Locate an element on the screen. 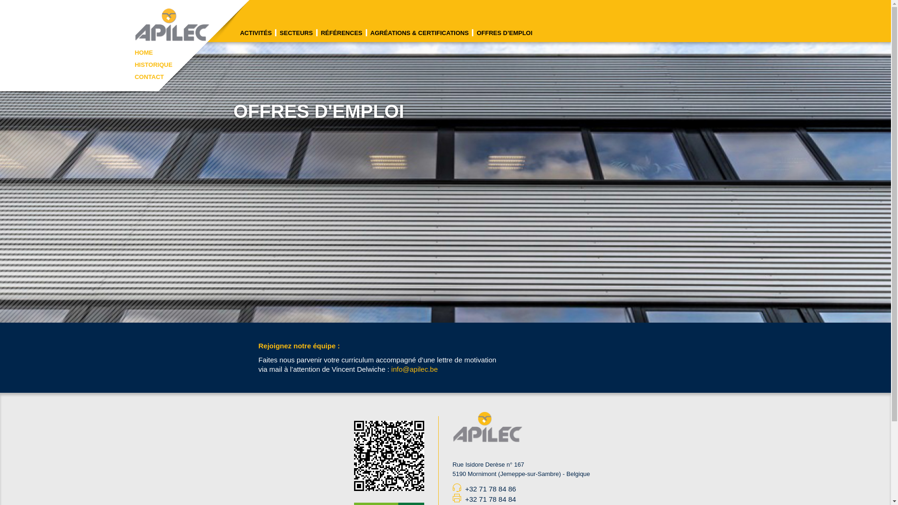 The height and width of the screenshot is (505, 898). 'CONTACT' is located at coordinates (149, 76).